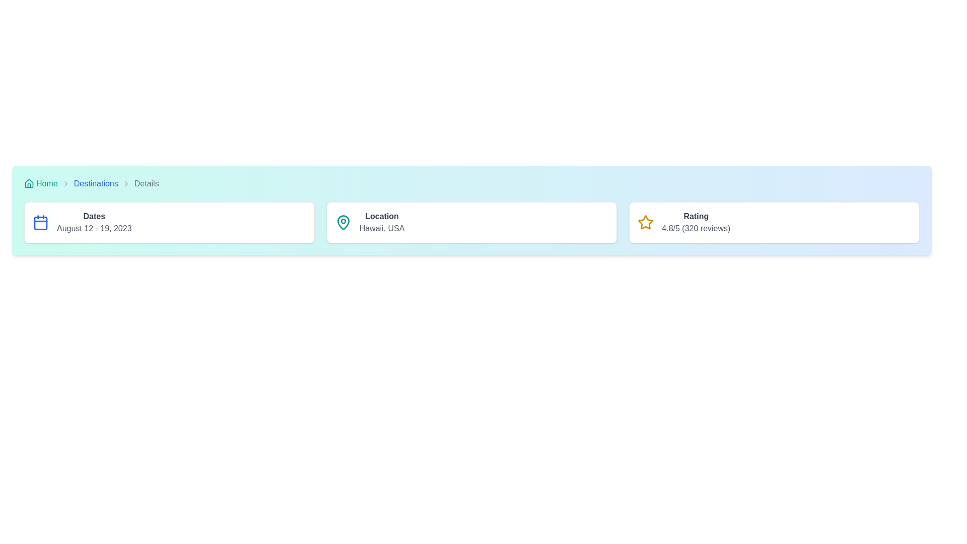 The height and width of the screenshot is (544, 967). I want to click on the static text element displaying the date range, which is located underneath the 'Dates' label and aligned with the calendar icon, indicating it is non-interactive and purely informational, so click(94, 229).